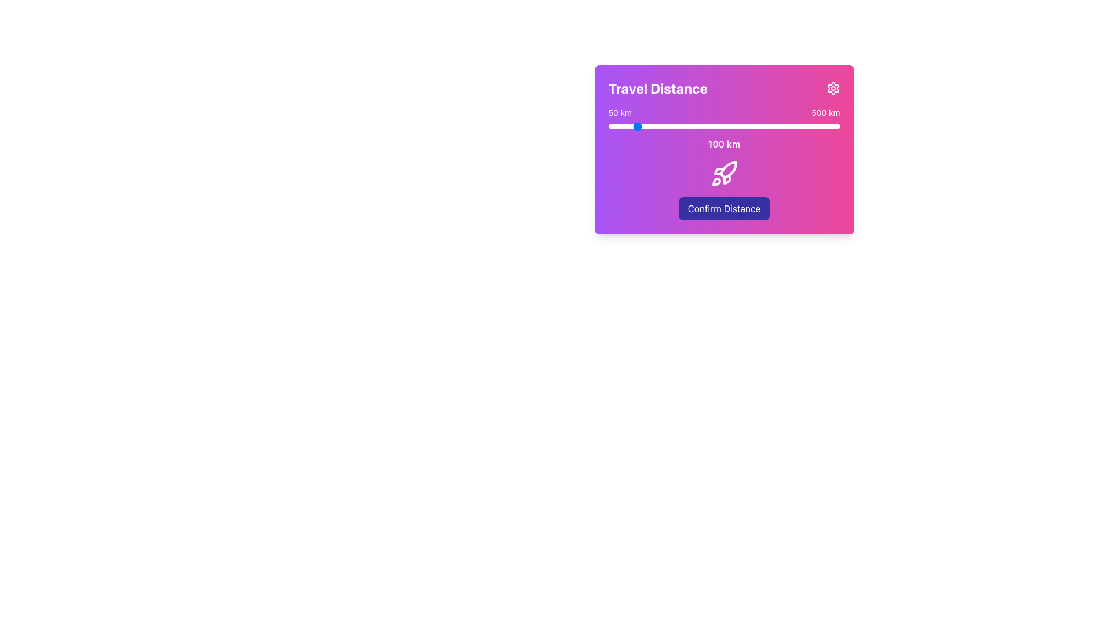  Describe the element at coordinates (685, 127) in the screenshot. I see `the travel distance` at that location.